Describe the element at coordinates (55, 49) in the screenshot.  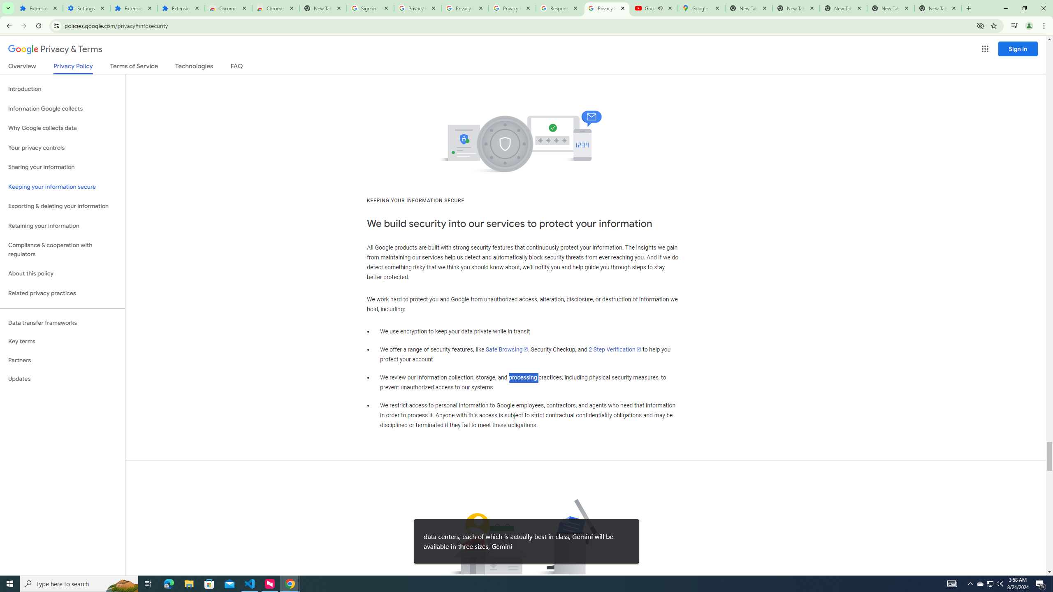
I see `'Privacy & Terms'` at that location.